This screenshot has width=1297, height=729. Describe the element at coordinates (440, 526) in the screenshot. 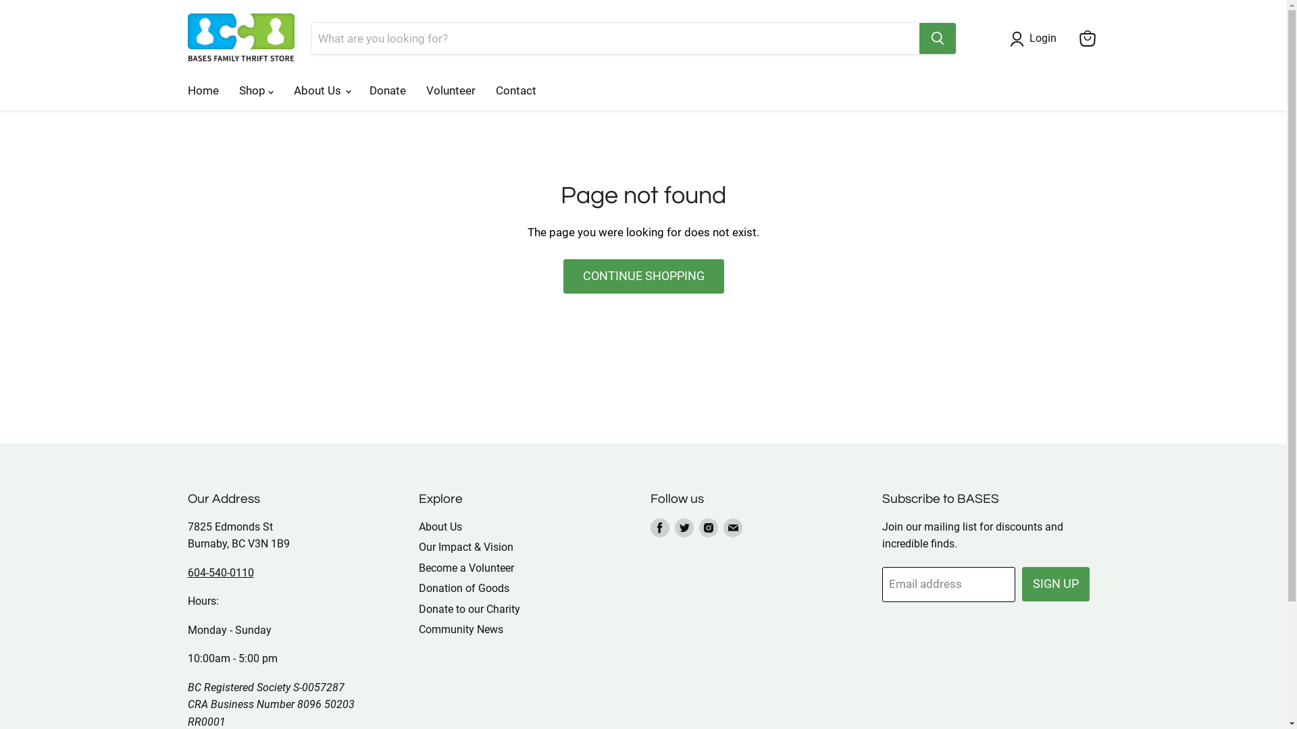

I see `'About Us'` at that location.